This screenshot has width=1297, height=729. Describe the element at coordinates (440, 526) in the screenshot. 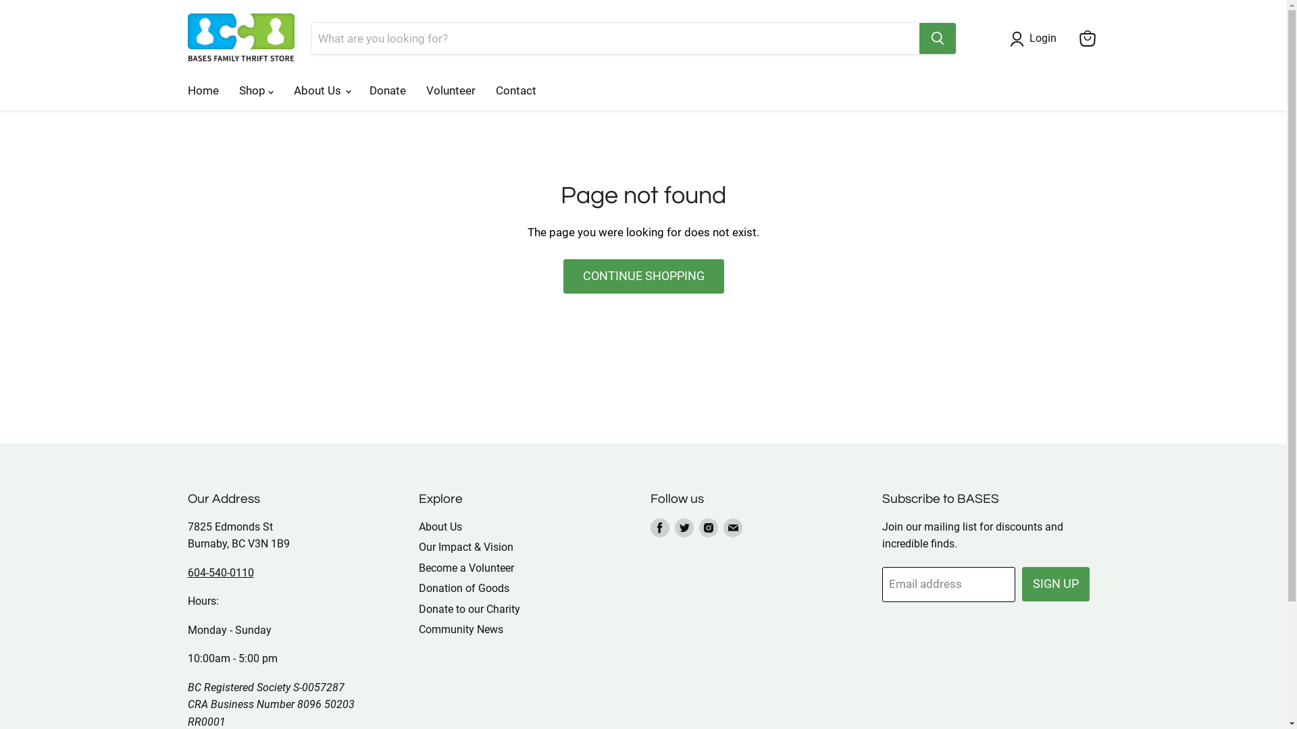

I see `'About Us'` at that location.